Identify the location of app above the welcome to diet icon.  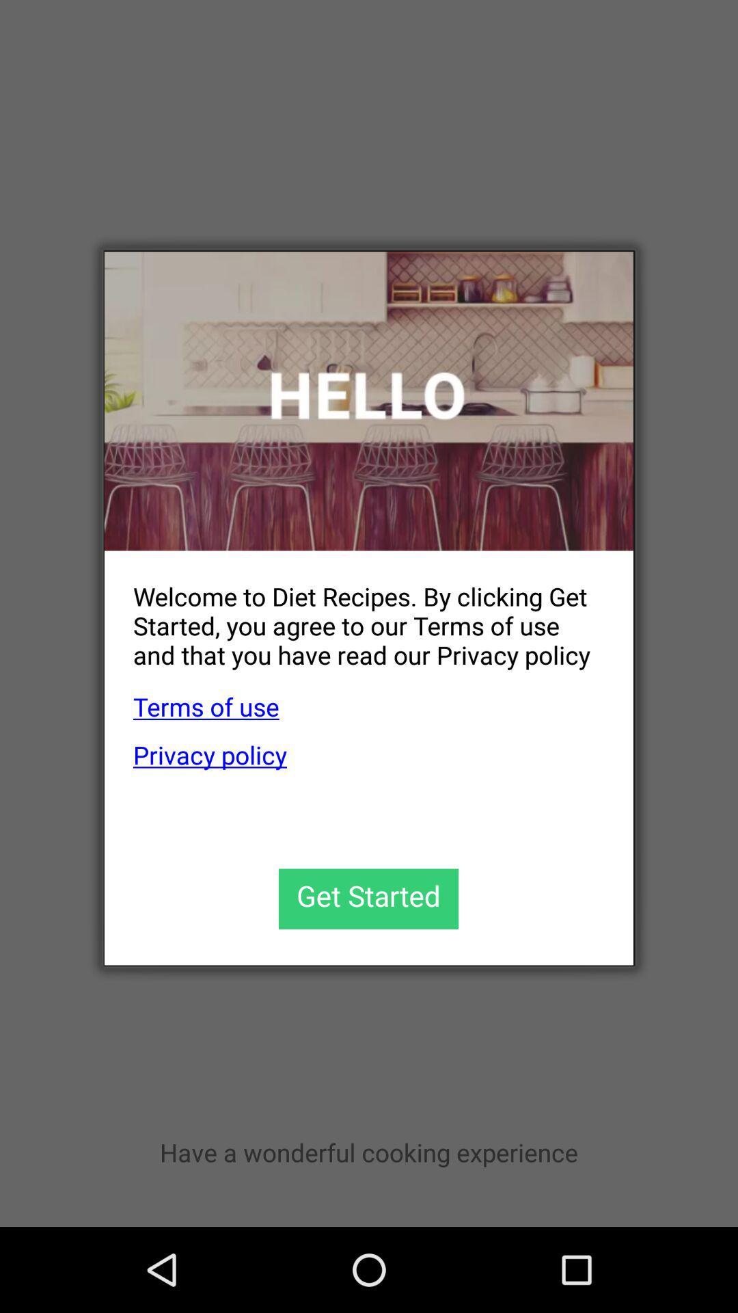
(369, 400).